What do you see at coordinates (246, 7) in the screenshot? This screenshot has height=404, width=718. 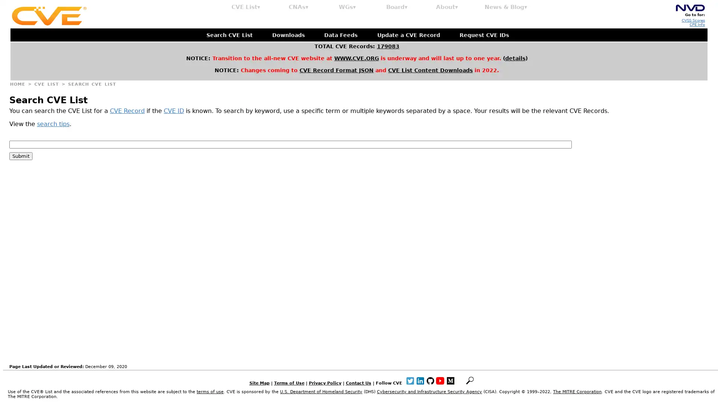 I see `CVE List` at bounding box center [246, 7].